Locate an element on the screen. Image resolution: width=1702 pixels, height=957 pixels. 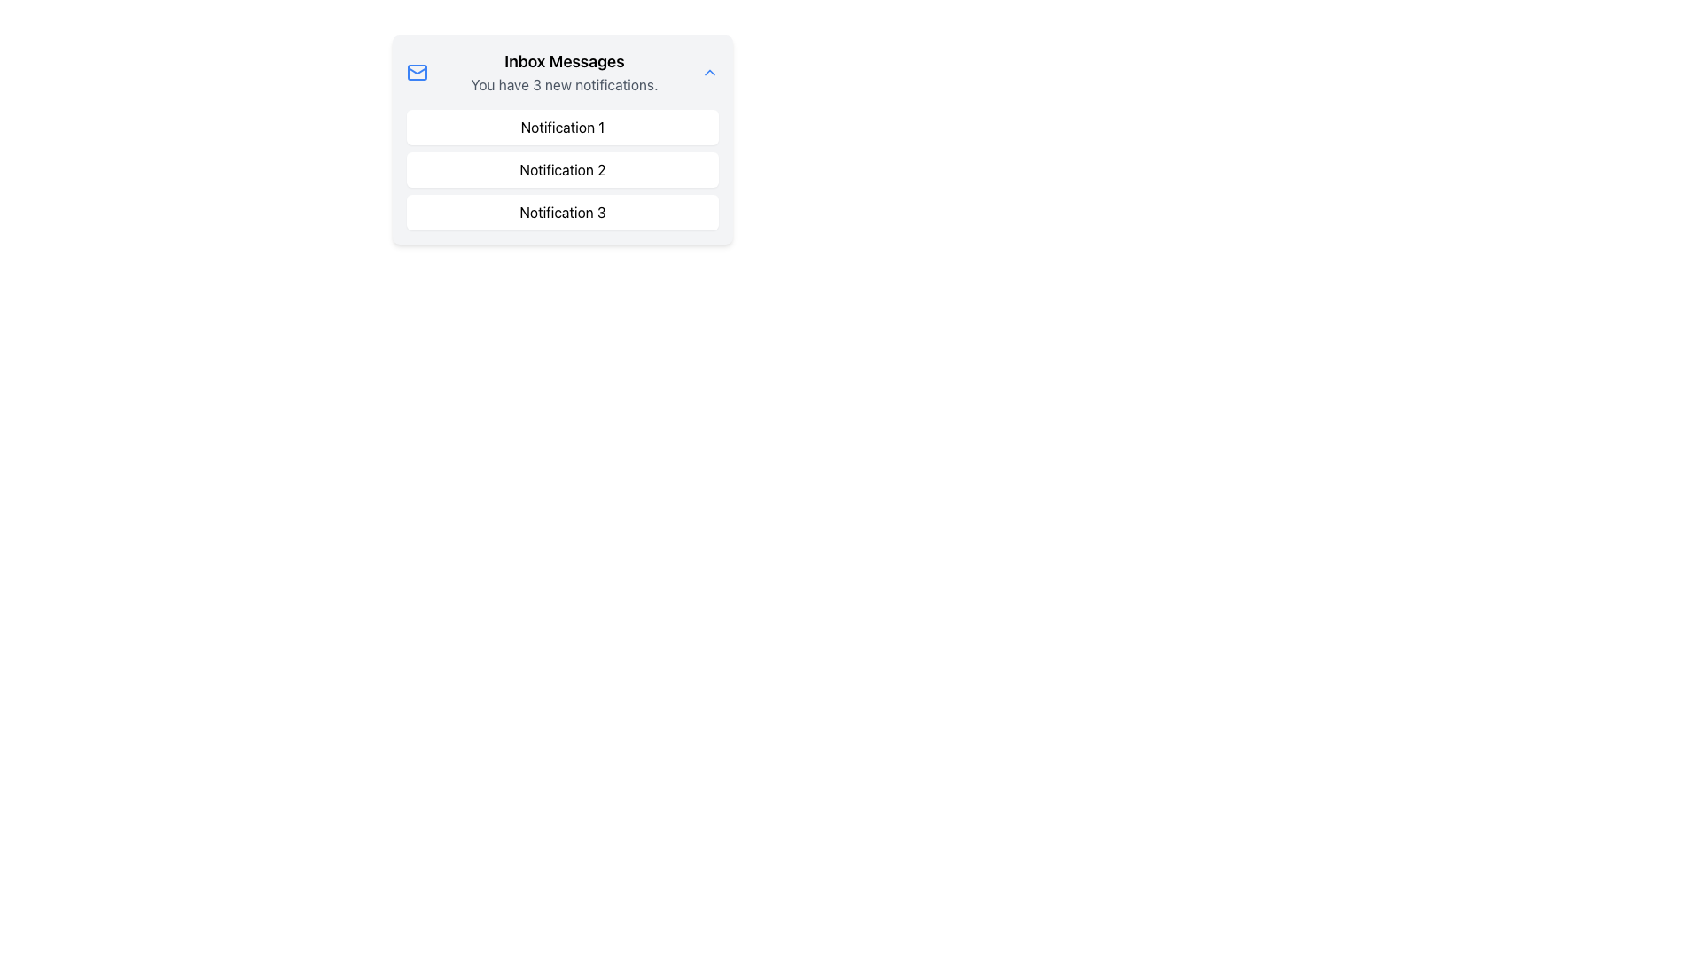
static text element that displays the number of new notifications available, located beneath the 'Inbox Messages' header is located at coordinates (564, 85).